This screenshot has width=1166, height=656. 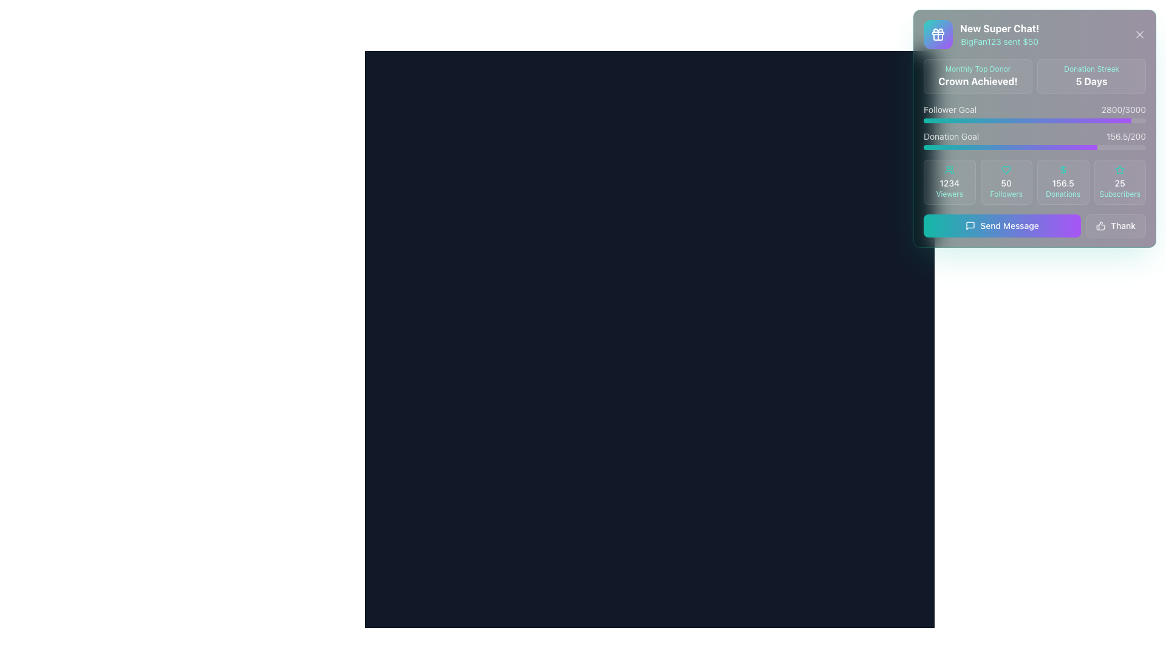 I want to click on the 'Send Message' icon located in the lower-right region of the dialog box, which visually represents the functionality to send a message, so click(x=970, y=225).